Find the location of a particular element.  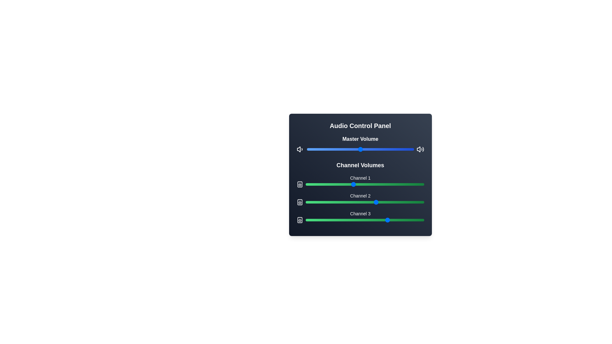

the volume of Channel 2 is located at coordinates (359, 202).